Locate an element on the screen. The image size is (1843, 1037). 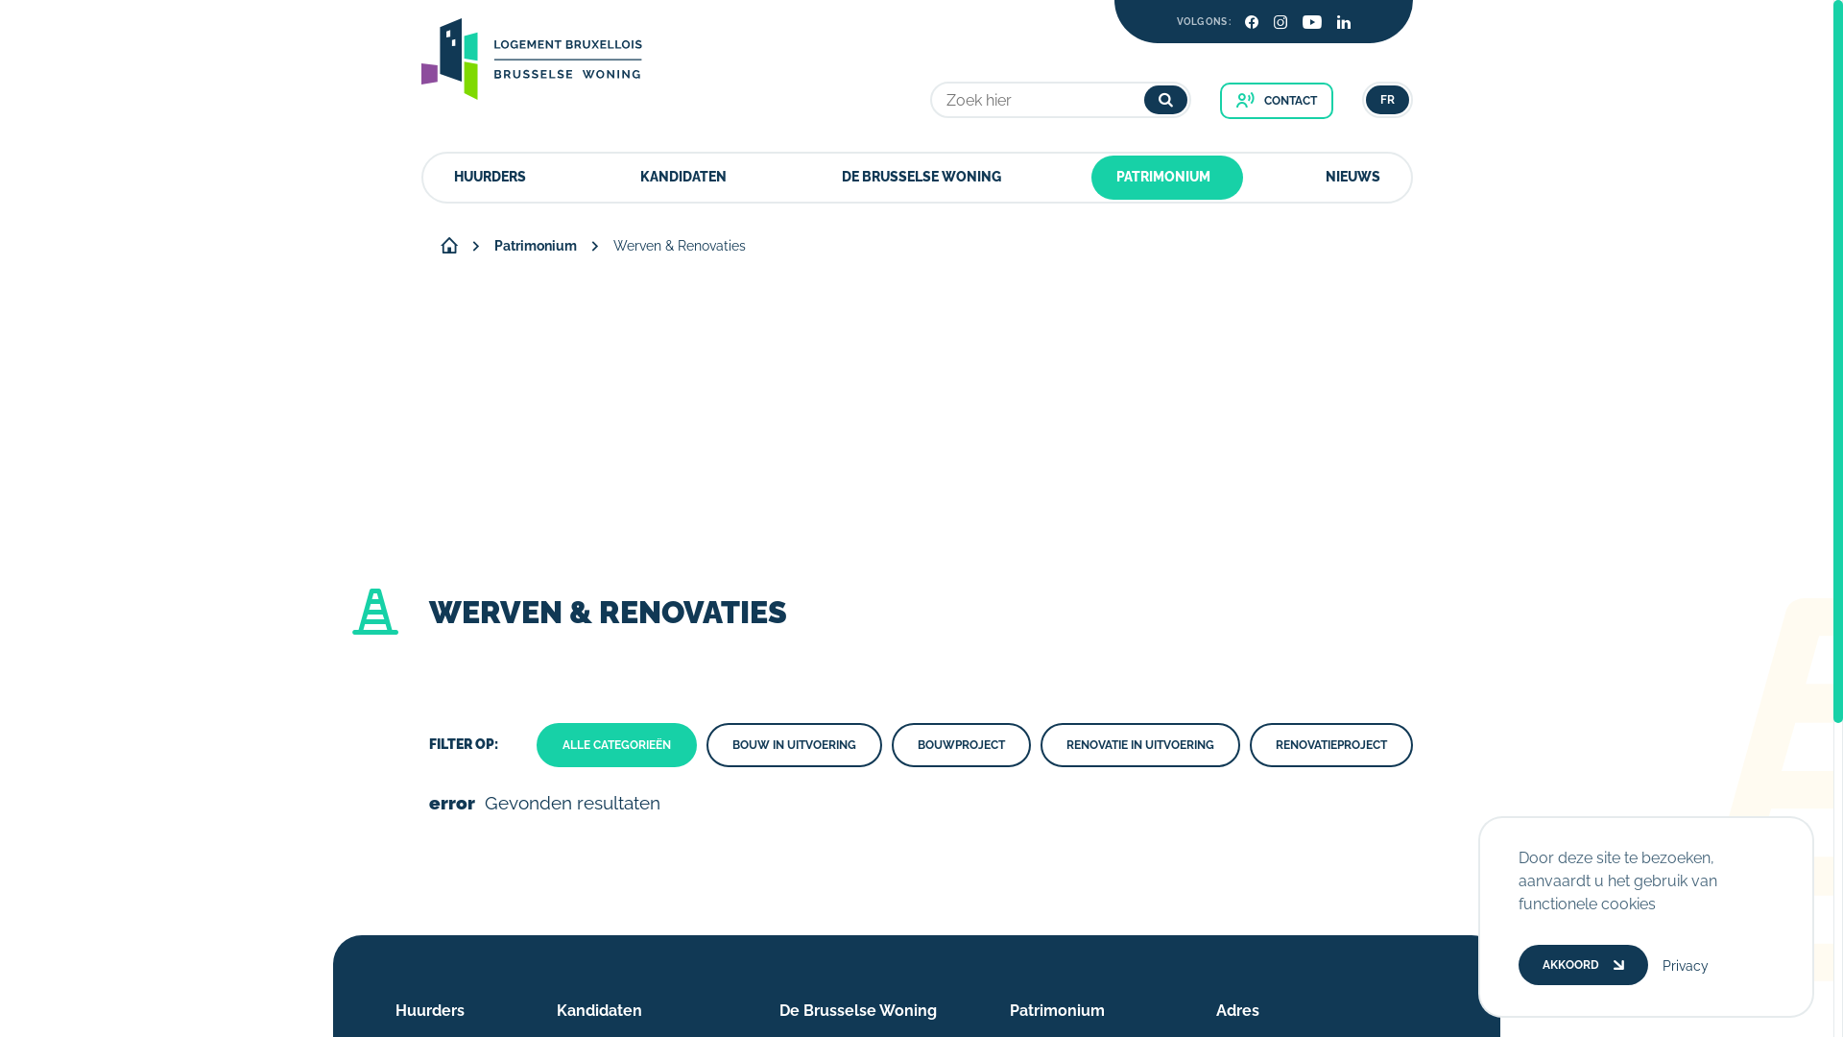
'Privacy' is located at coordinates (1685, 966).